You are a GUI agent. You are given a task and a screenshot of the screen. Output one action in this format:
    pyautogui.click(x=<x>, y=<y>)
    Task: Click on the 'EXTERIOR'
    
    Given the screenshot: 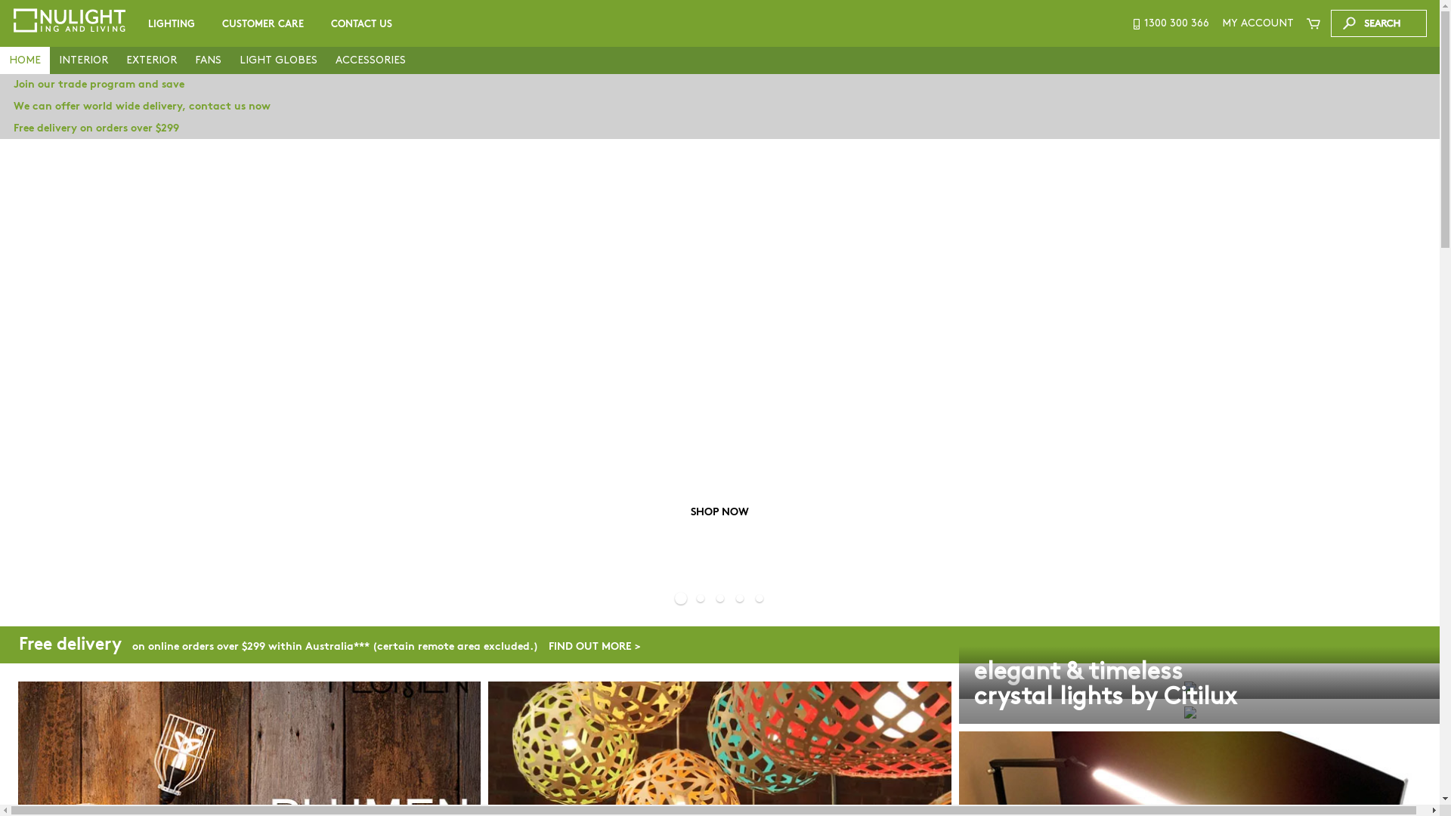 What is the action you would take?
    pyautogui.click(x=151, y=60)
    